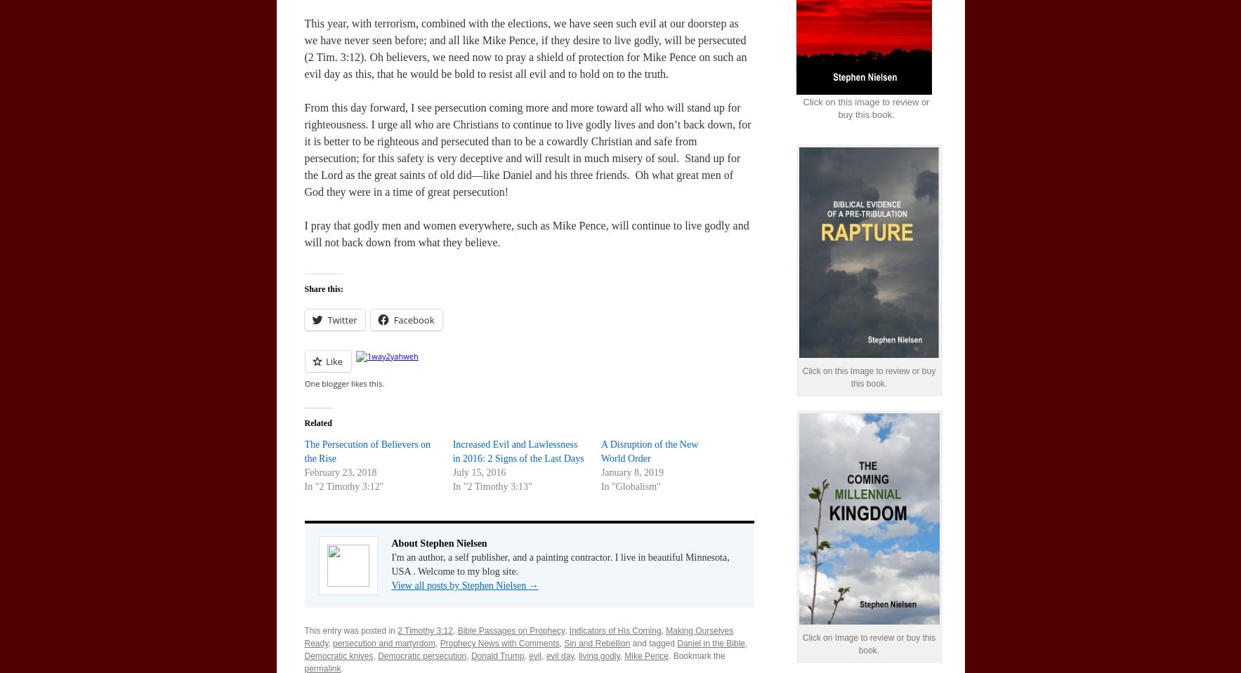 Image resolution: width=1241 pixels, height=673 pixels. I want to click on 'This entry was posted in', so click(350, 630).